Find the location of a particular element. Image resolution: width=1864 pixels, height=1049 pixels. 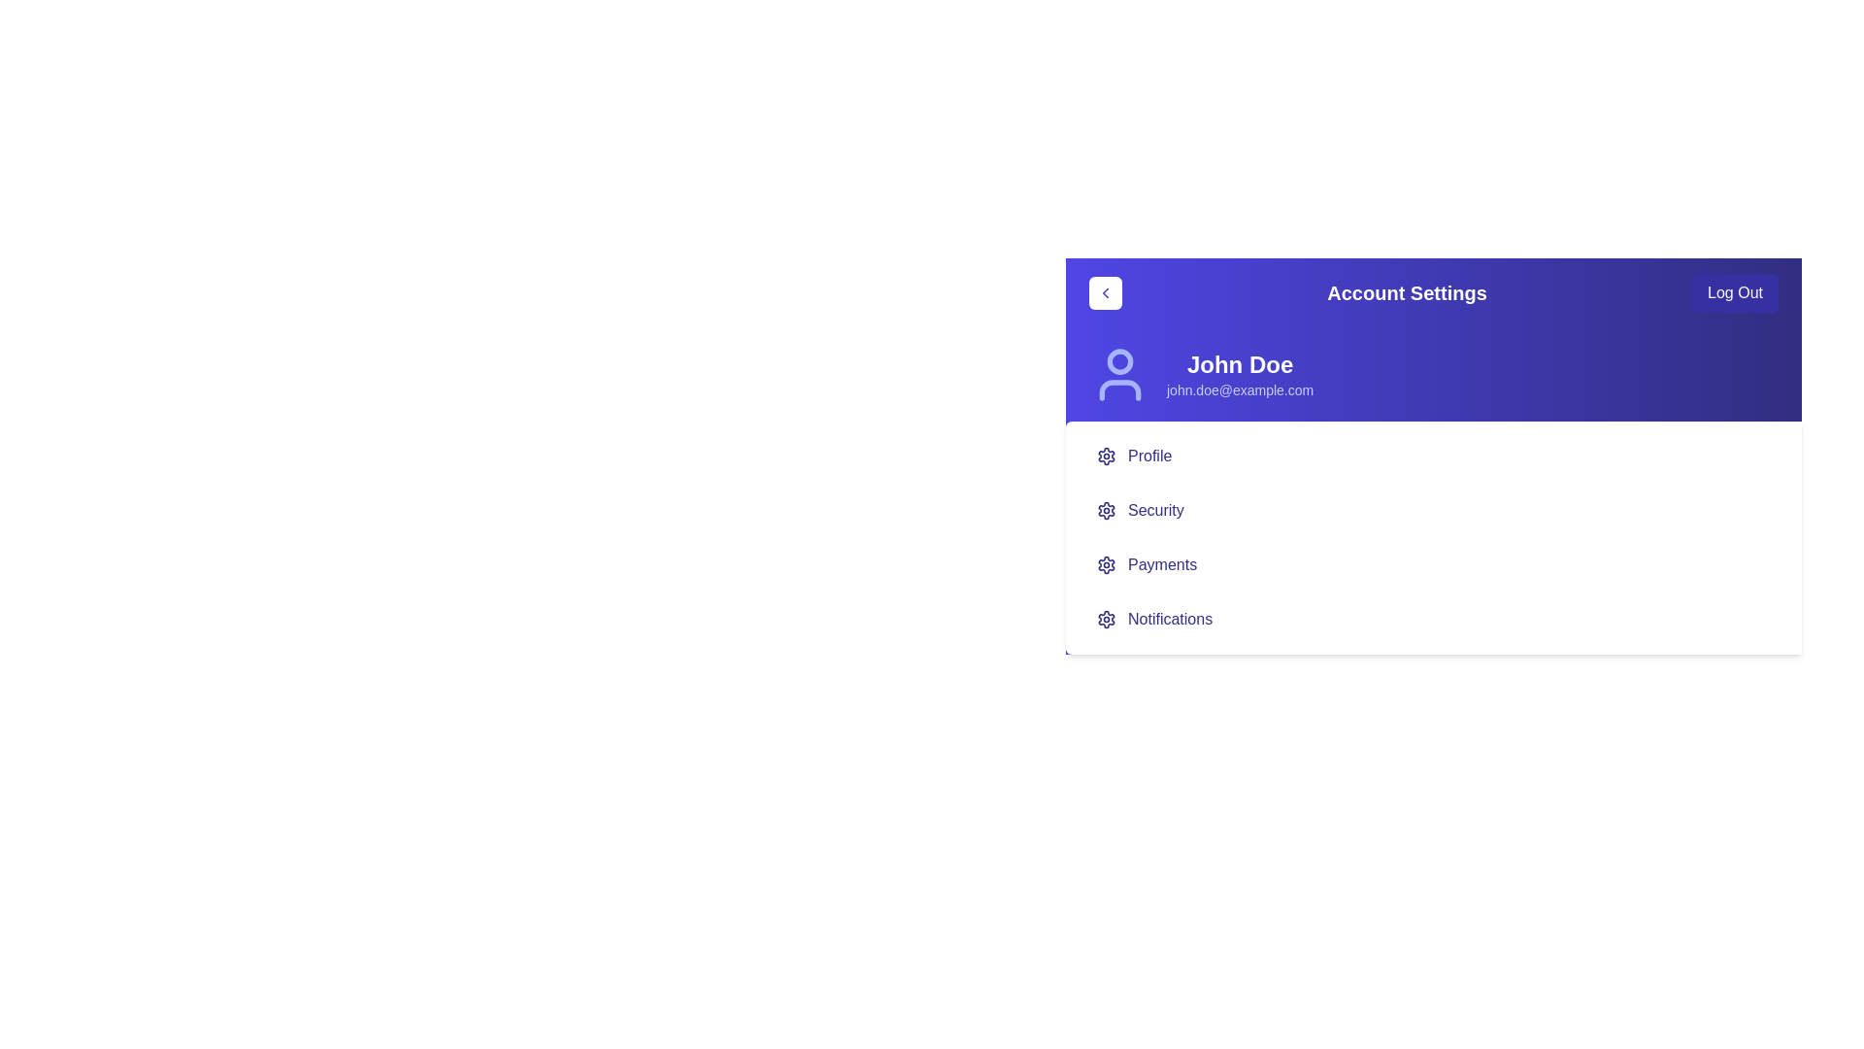

the gear-shaped icon resembling a setting cog located in the account settings menu is located at coordinates (1107, 509).